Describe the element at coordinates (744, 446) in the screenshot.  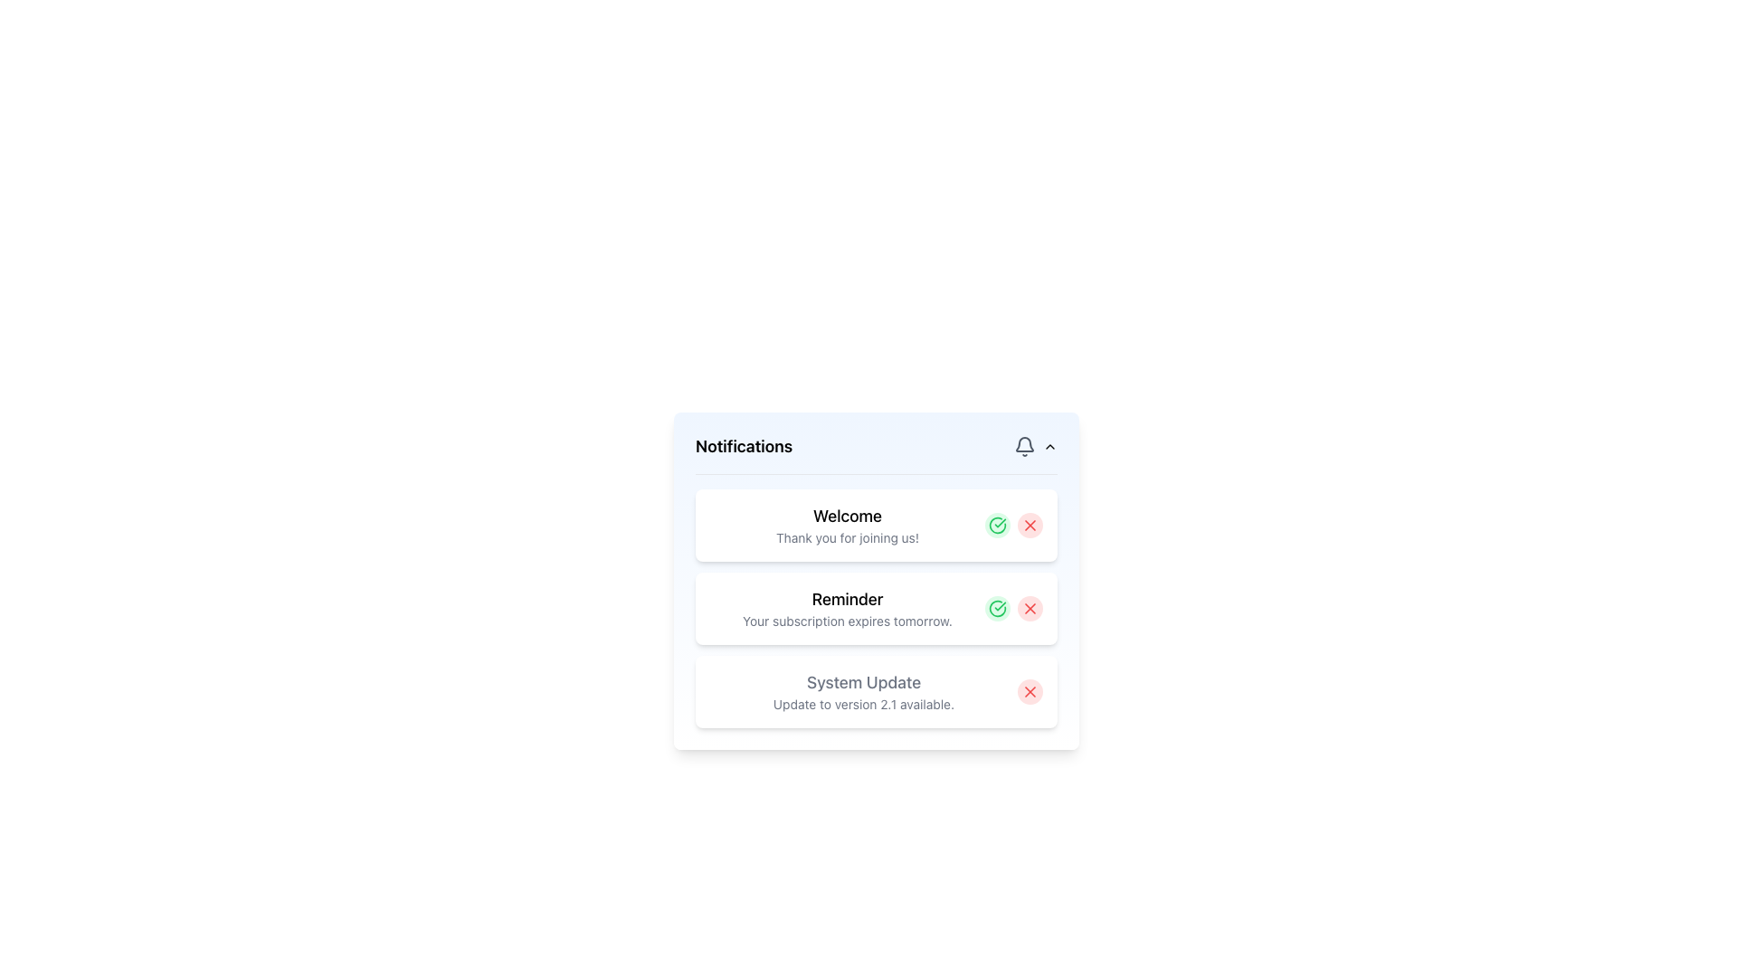
I see `the 'Notifications' text label, which is styled in bold with a larger font size and located in the upper-left corner of the notification panel's header` at that location.